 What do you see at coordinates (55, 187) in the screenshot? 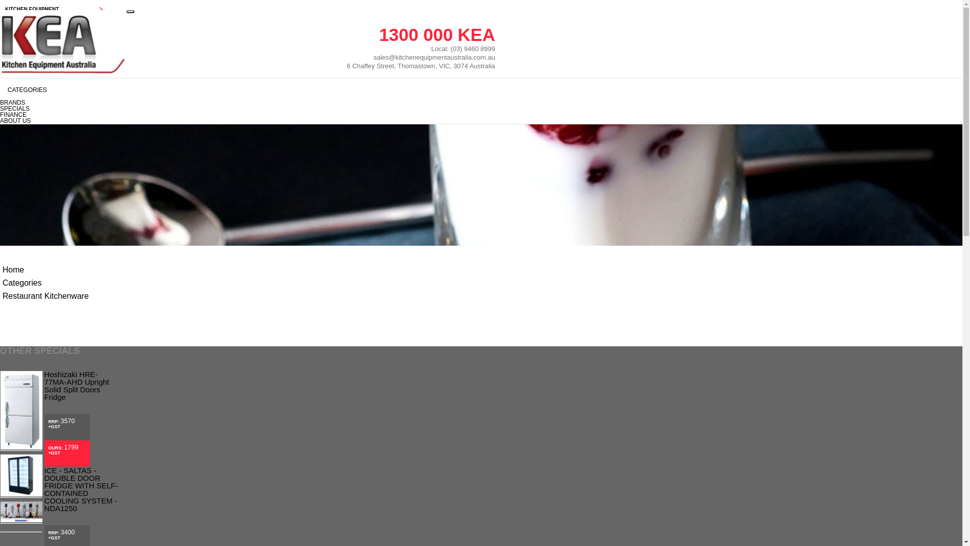
I see `'HEATED FOOD DISPLAY CABINETS'` at bounding box center [55, 187].